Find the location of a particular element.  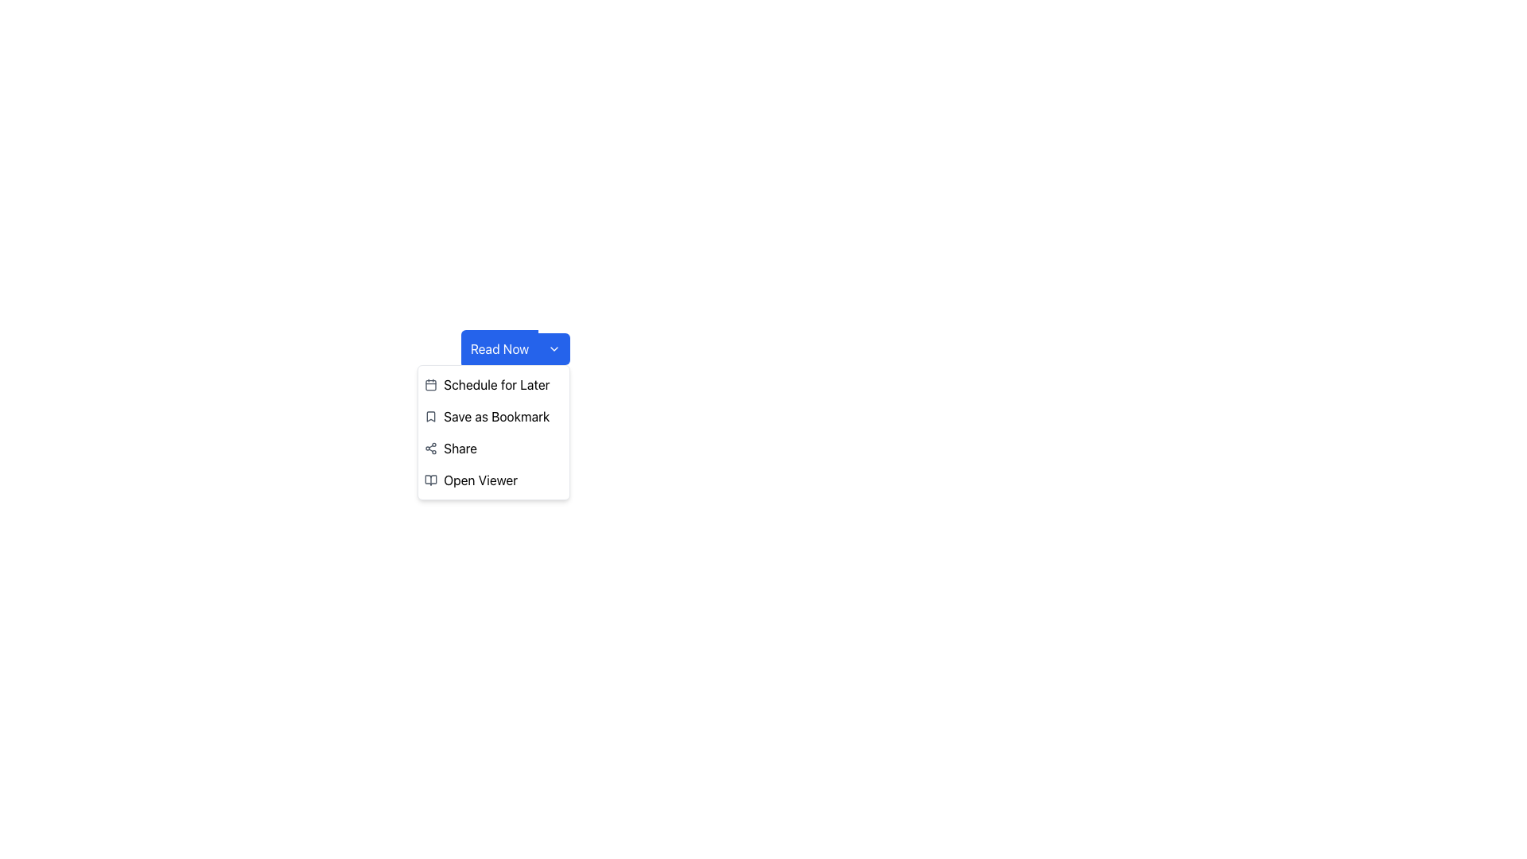

the 'Share' menu item using keyboard navigation is located at coordinates (493, 448).